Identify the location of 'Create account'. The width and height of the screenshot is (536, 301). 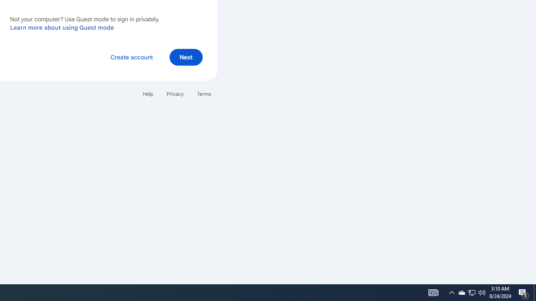
(131, 56).